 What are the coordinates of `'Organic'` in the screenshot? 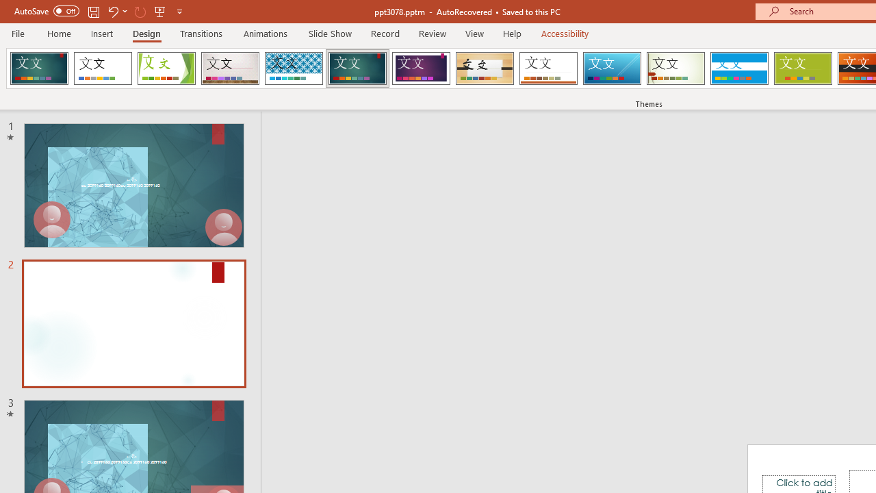 It's located at (485, 68).